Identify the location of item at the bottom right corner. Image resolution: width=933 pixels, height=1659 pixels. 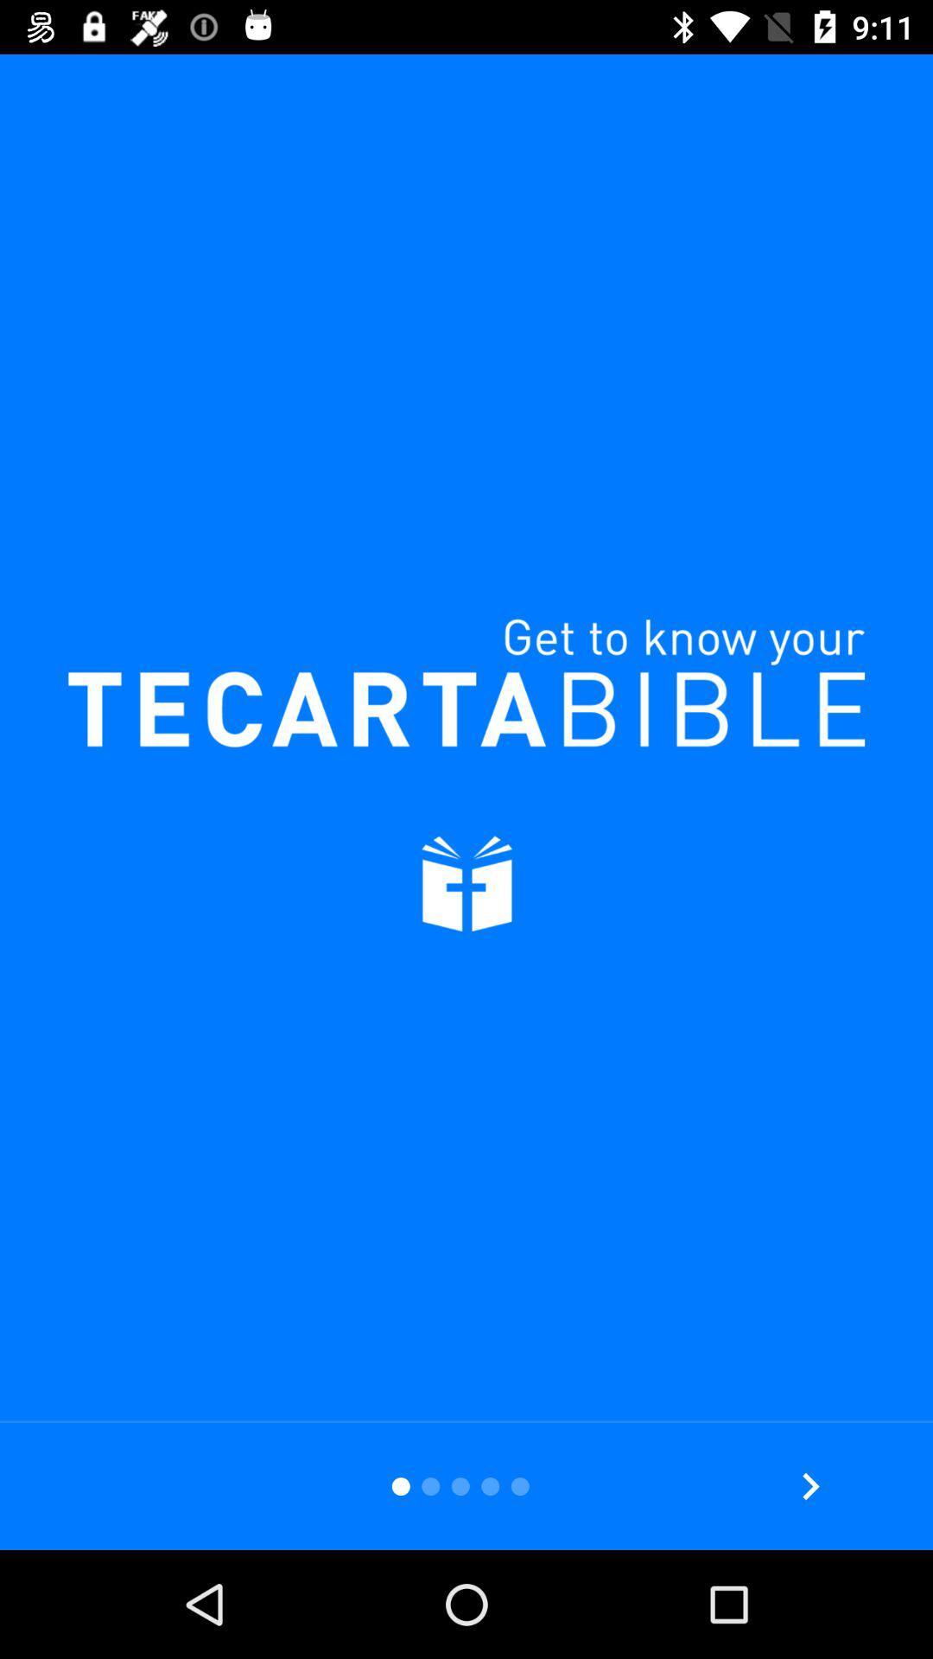
(810, 1485).